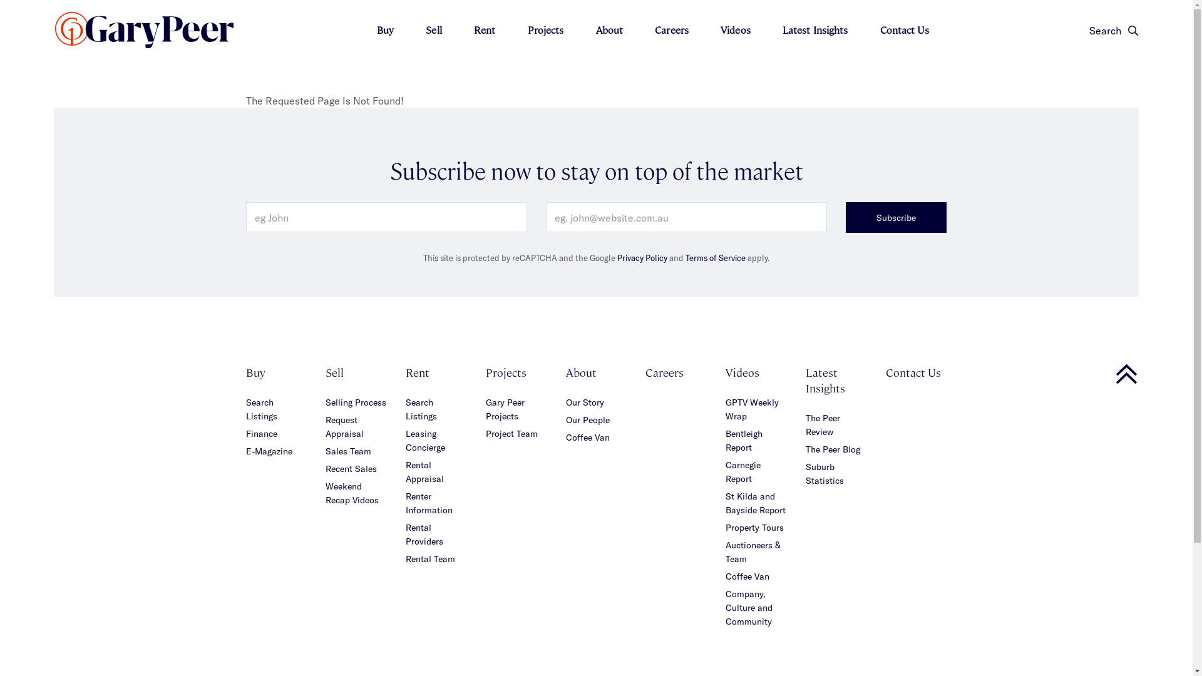 The image size is (1202, 676). What do you see at coordinates (430, 558) in the screenshot?
I see `'Rental Team'` at bounding box center [430, 558].